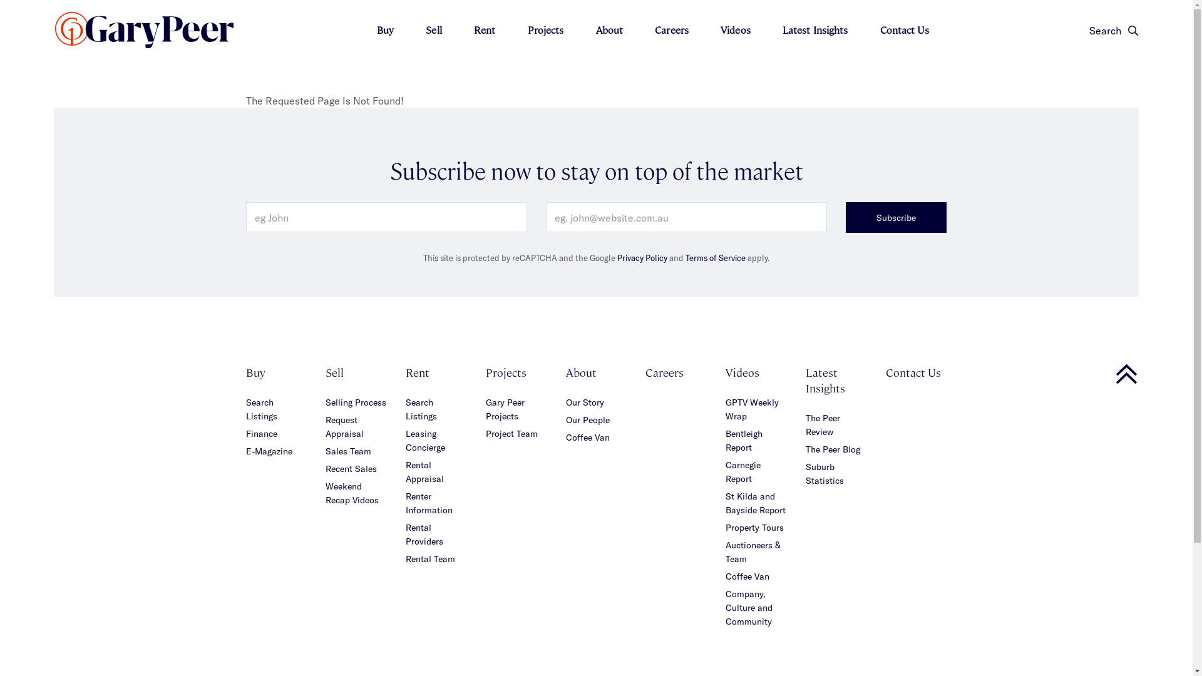 The image size is (1202, 676). What do you see at coordinates (430, 558) in the screenshot?
I see `'Rental Team'` at bounding box center [430, 558].